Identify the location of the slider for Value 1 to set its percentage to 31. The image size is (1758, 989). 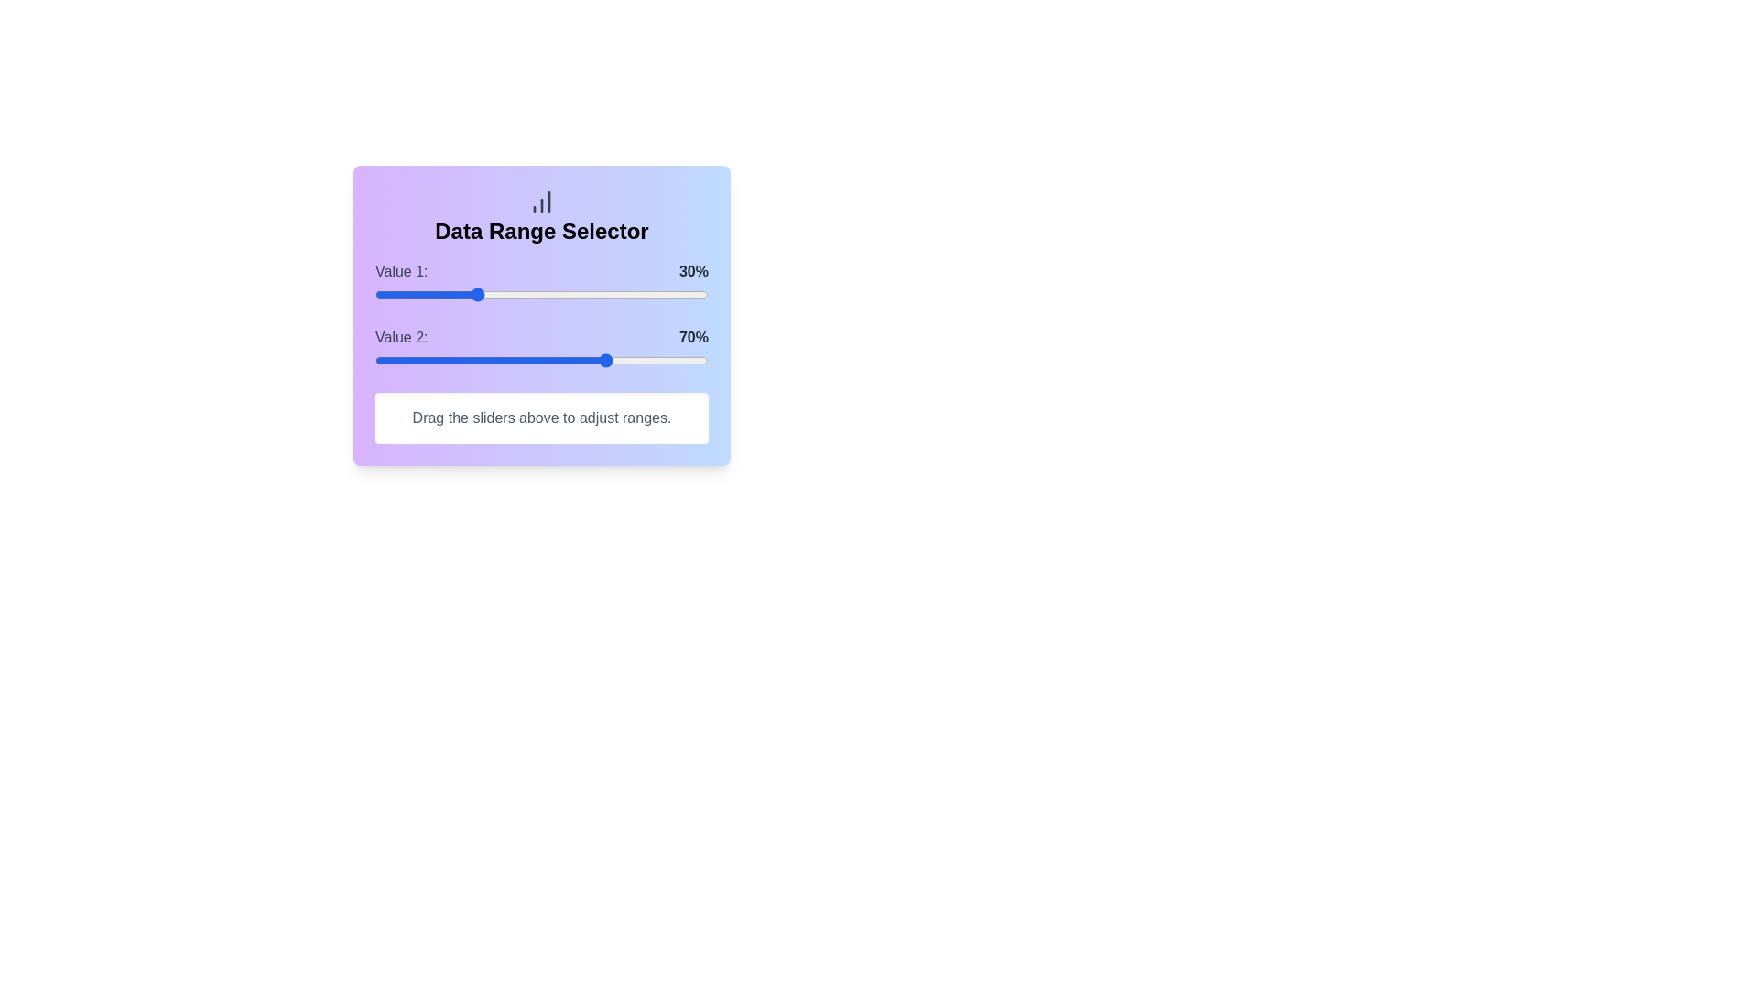
(478, 293).